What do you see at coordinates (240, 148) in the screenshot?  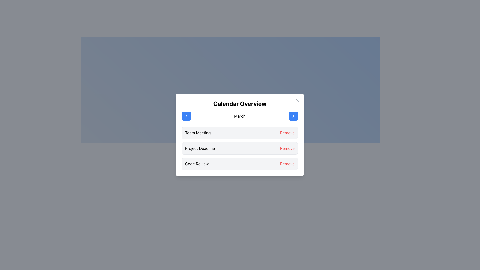 I see `the second list item labeled 'Project Deadline' in the 'Calendar Overview' section` at bounding box center [240, 148].